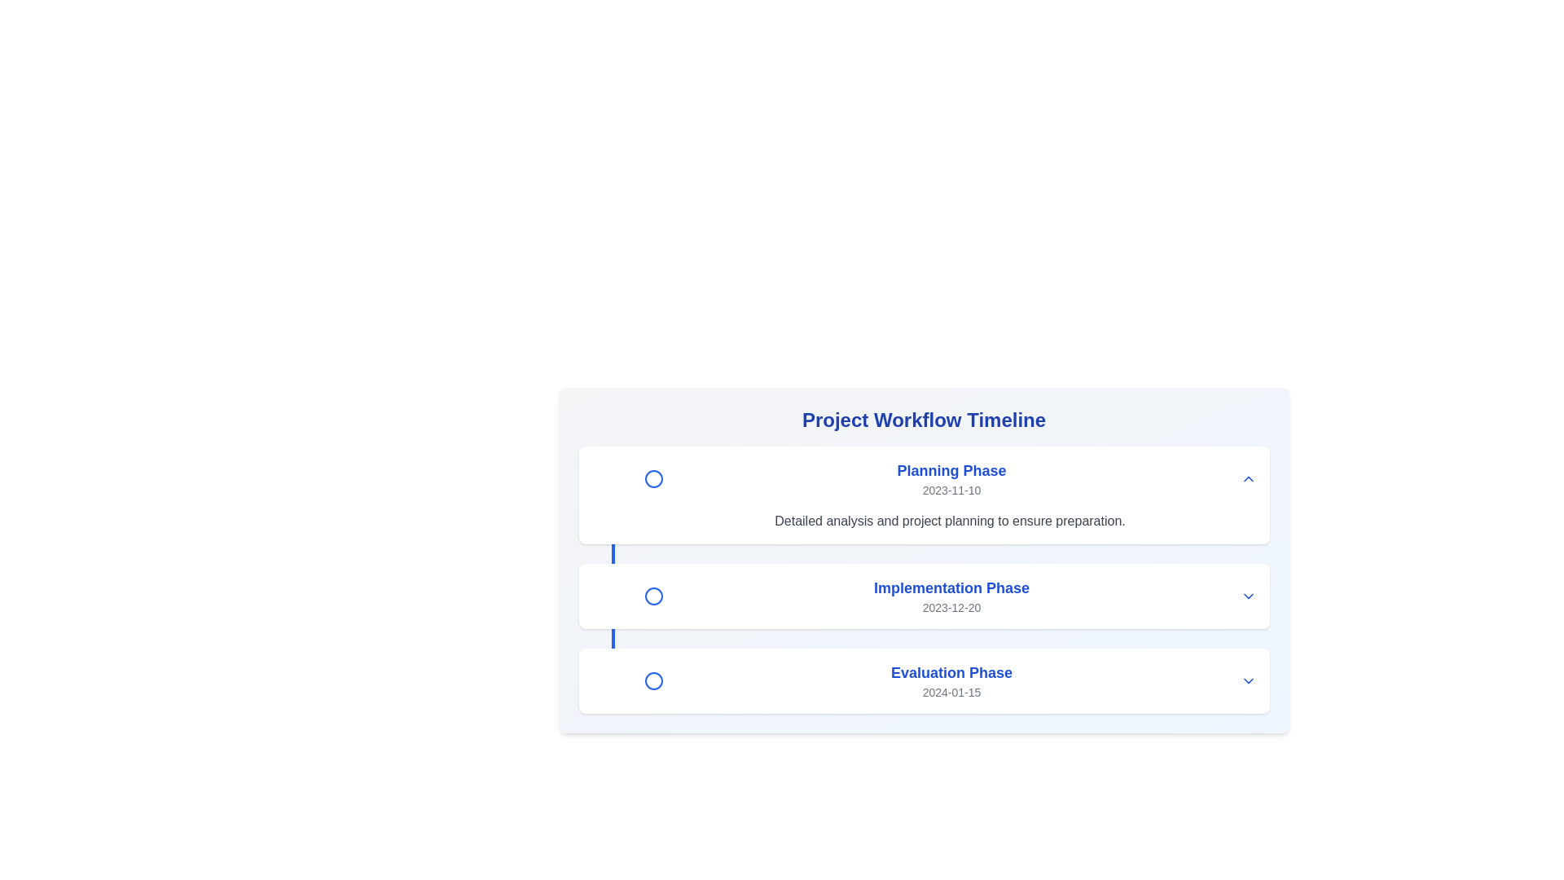  Describe the element at coordinates (653, 681) in the screenshot. I see `the indicator icon associated with the 'Evaluation Phase'` at that location.